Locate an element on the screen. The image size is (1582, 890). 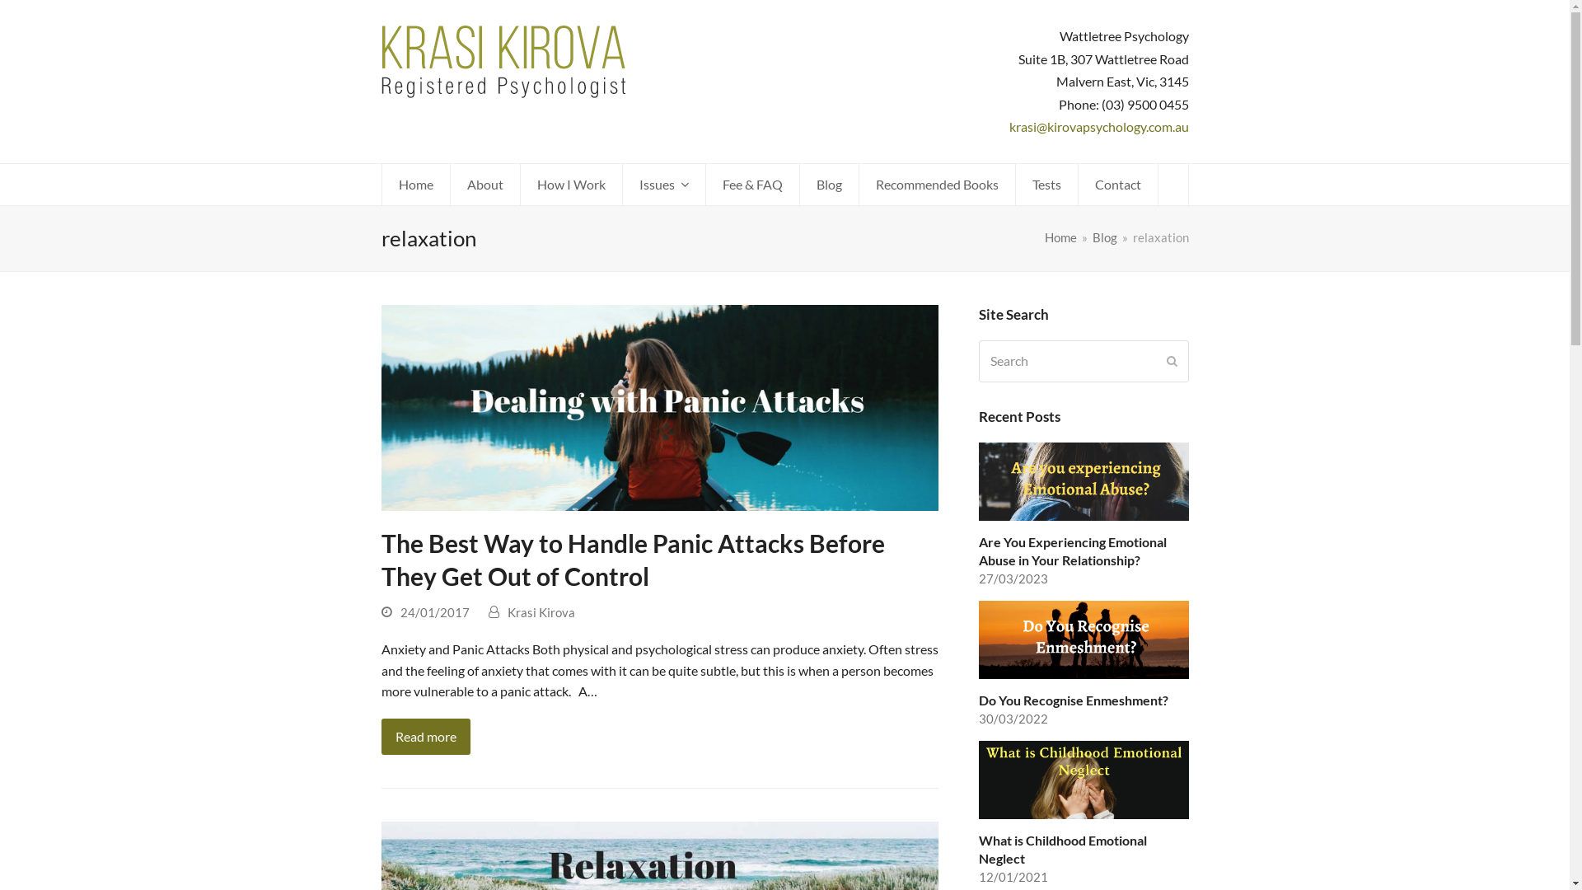
'How I Work' is located at coordinates (520, 184).